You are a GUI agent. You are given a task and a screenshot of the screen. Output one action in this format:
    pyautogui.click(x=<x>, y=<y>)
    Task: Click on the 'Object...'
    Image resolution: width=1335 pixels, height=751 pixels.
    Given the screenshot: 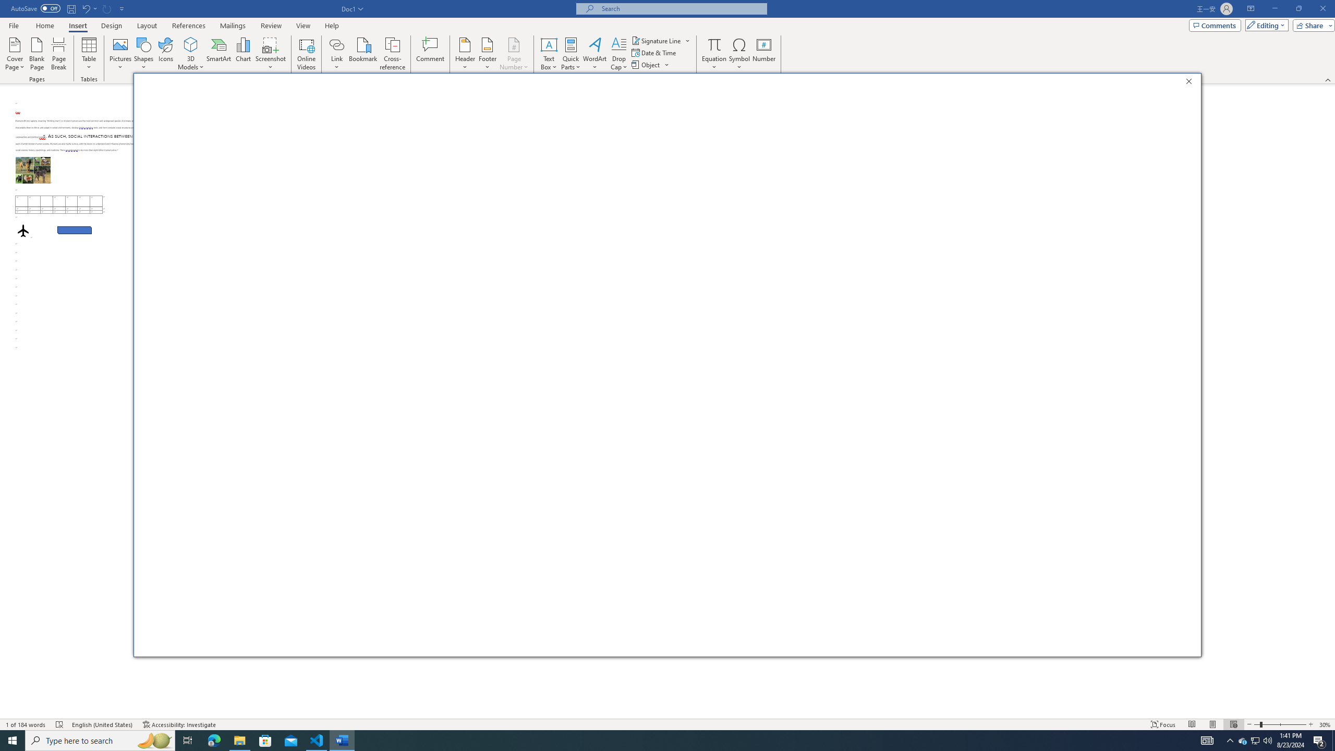 What is the action you would take?
    pyautogui.click(x=650, y=64)
    